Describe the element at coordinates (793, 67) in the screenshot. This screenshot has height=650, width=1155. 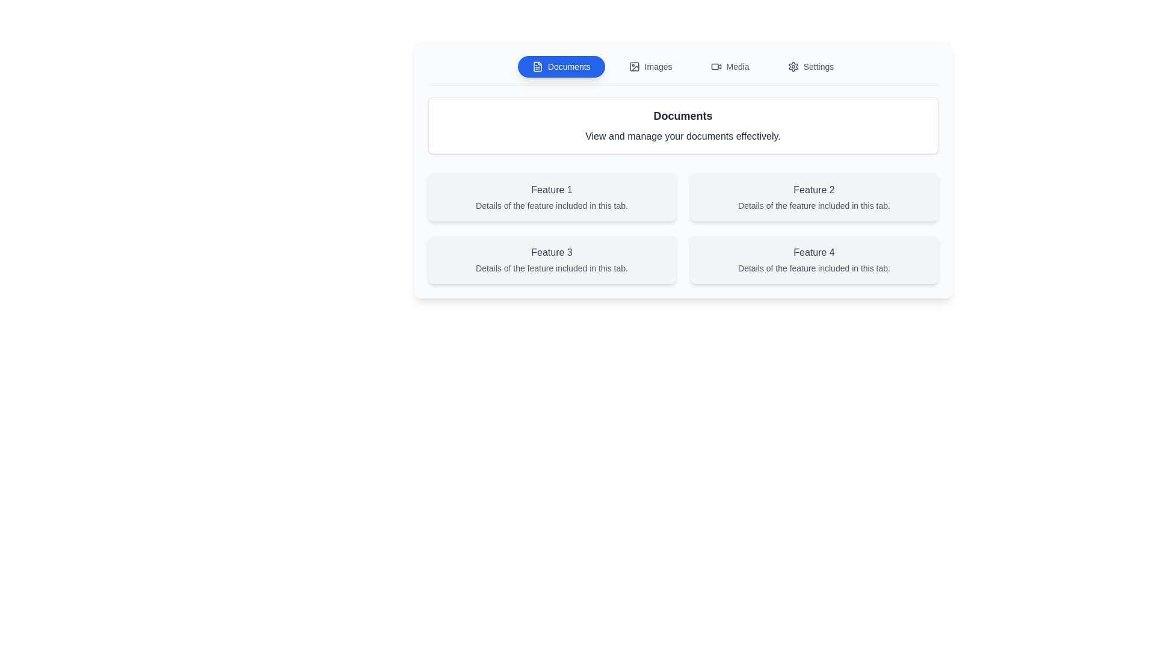
I see `the settings icon represented by a gear-like shape located in the top-right corner of the UI` at that location.